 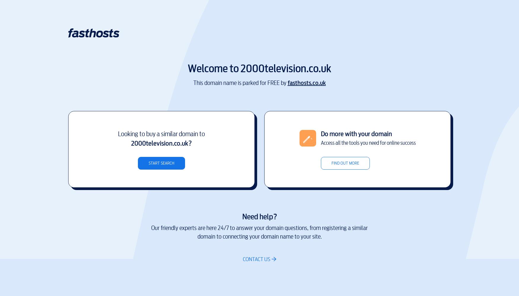 What do you see at coordinates (257, 259) in the screenshot?
I see `'Contact us'` at bounding box center [257, 259].